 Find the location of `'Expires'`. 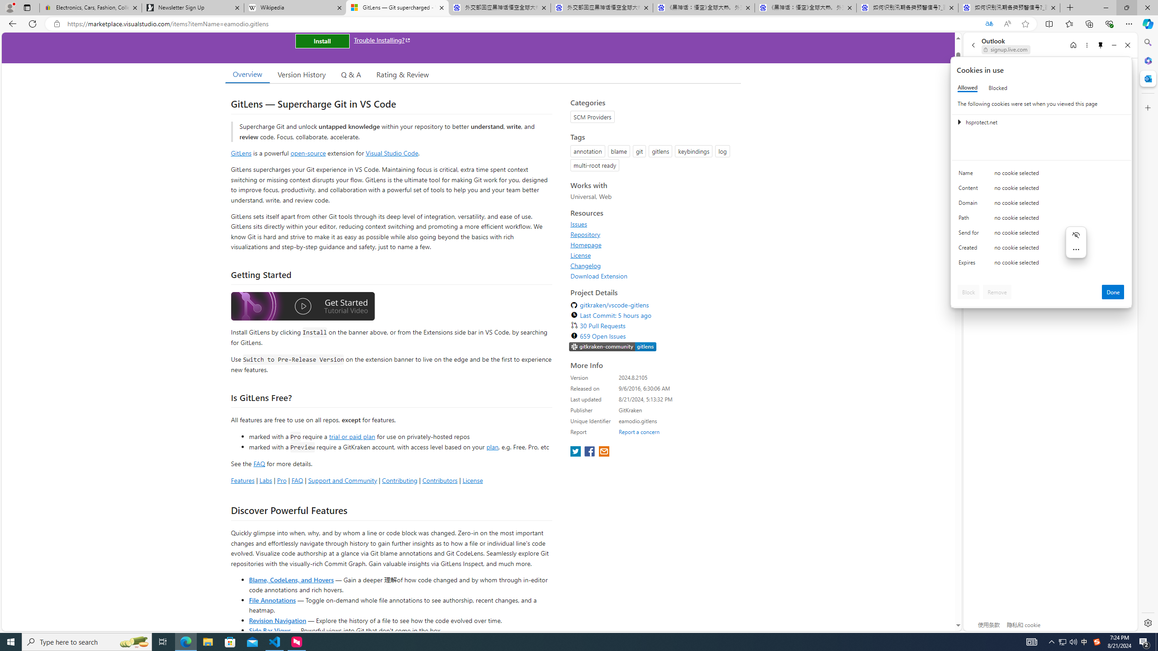

'Expires' is located at coordinates (970, 264).